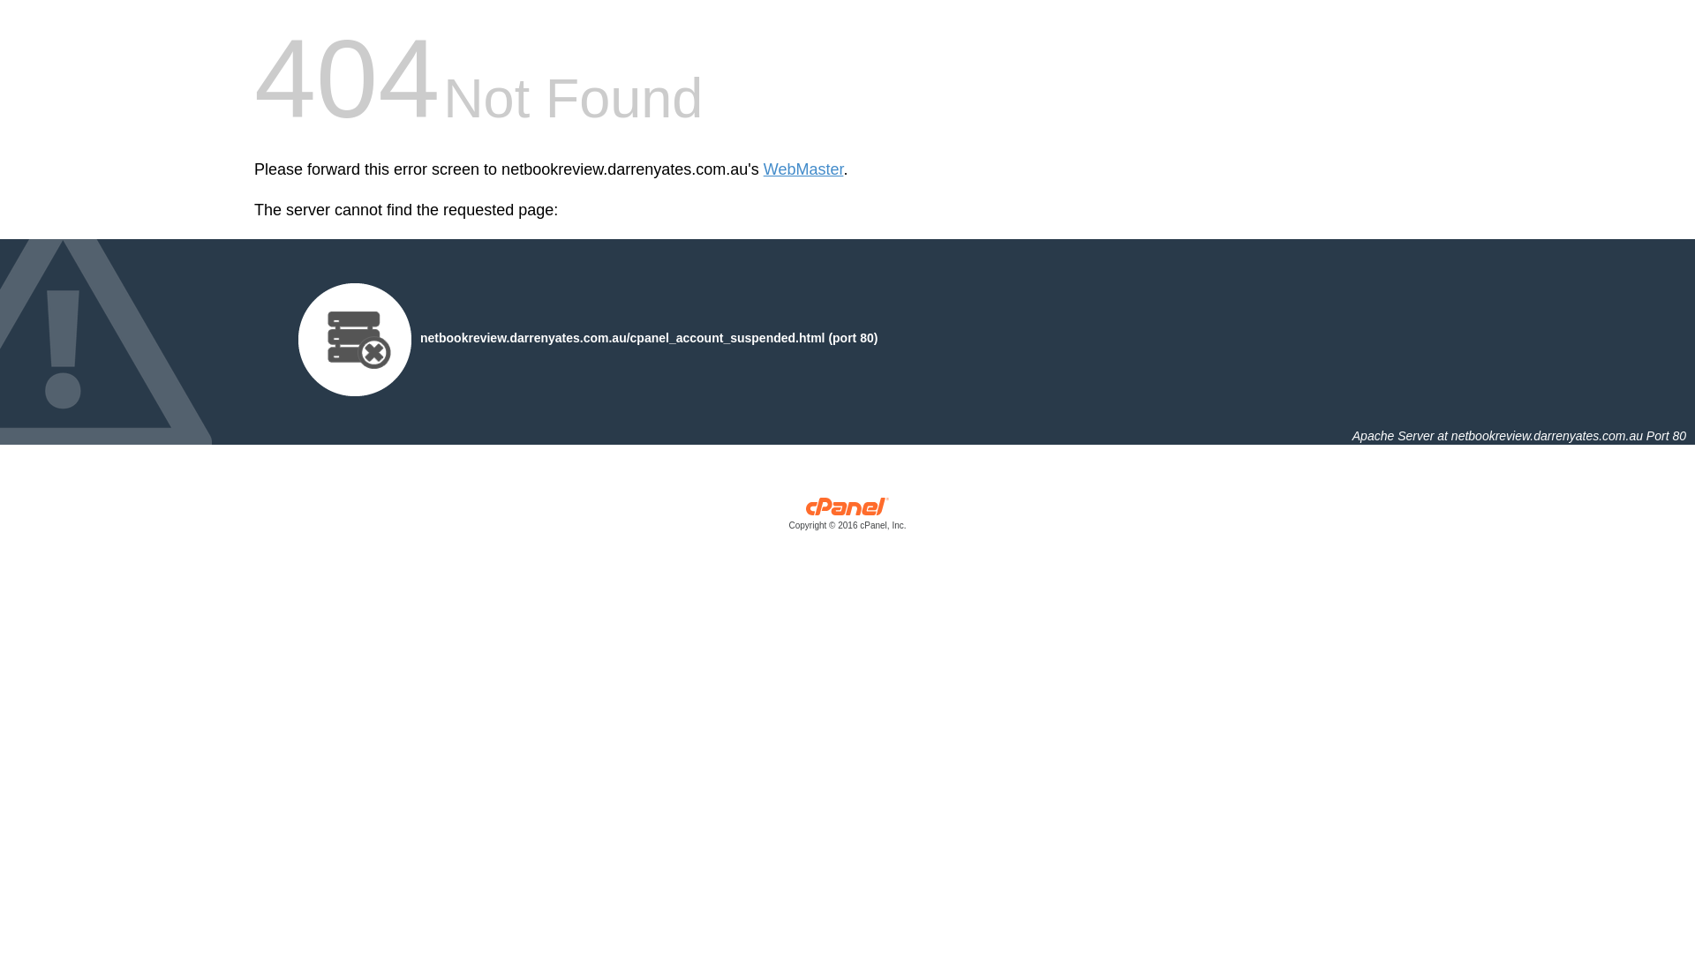  What do you see at coordinates (802, 169) in the screenshot?
I see `'WebMaster'` at bounding box center [802, 169].